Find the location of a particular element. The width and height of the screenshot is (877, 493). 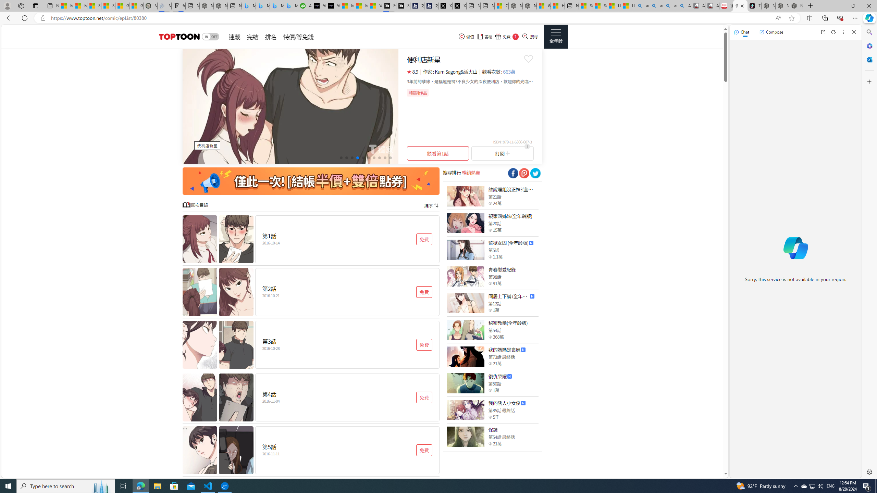

'Microsoft Bing Travel - Shangri-La Hotel Bangkok' is located at coordinates (290, 5).